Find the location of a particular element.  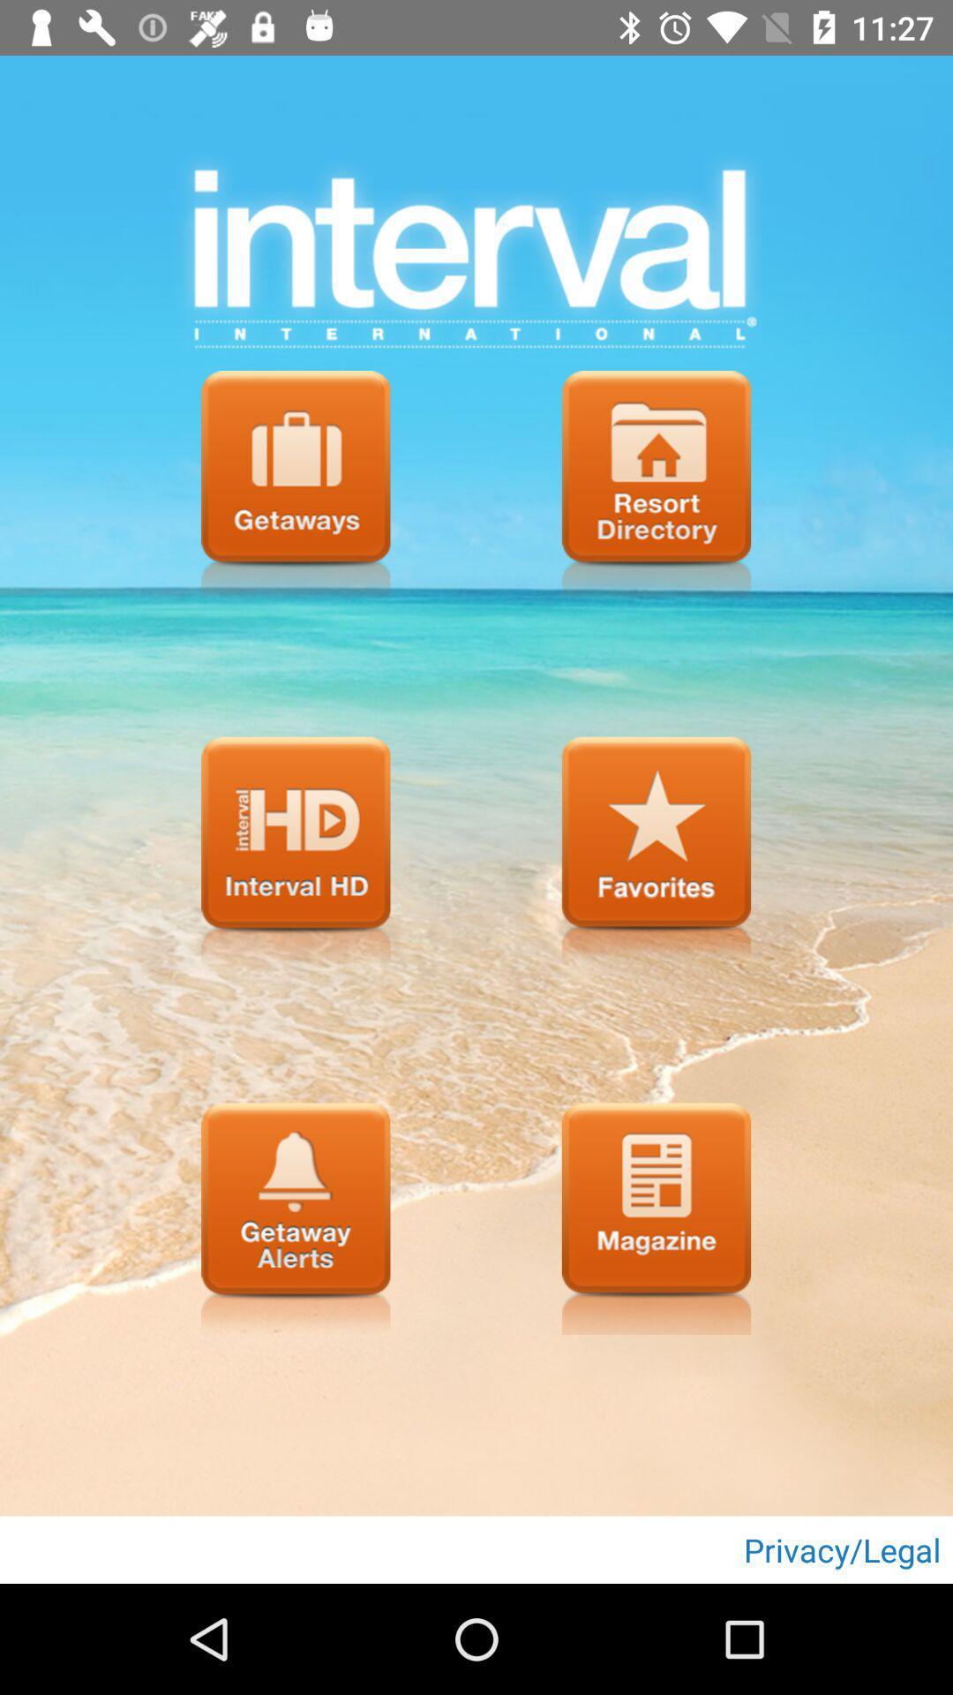

gateways is located at coordinates (295, 486).